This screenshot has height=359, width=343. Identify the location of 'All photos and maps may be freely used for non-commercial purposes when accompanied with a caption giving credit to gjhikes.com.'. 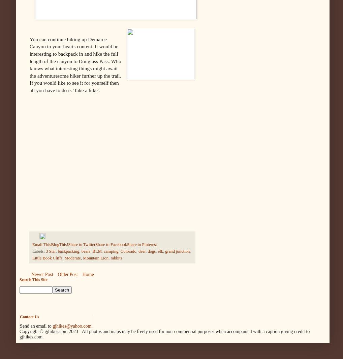
(164, 334).